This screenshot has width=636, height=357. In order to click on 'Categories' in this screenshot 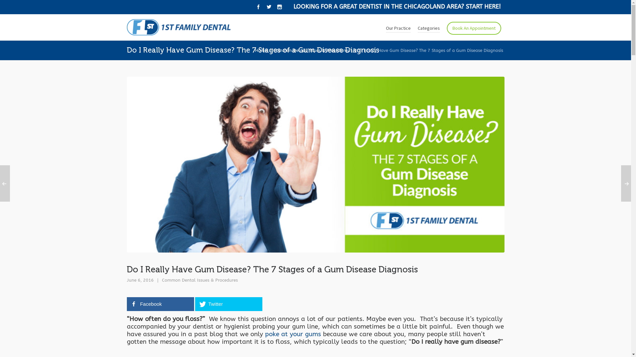, I will do `click(428, 27)`.